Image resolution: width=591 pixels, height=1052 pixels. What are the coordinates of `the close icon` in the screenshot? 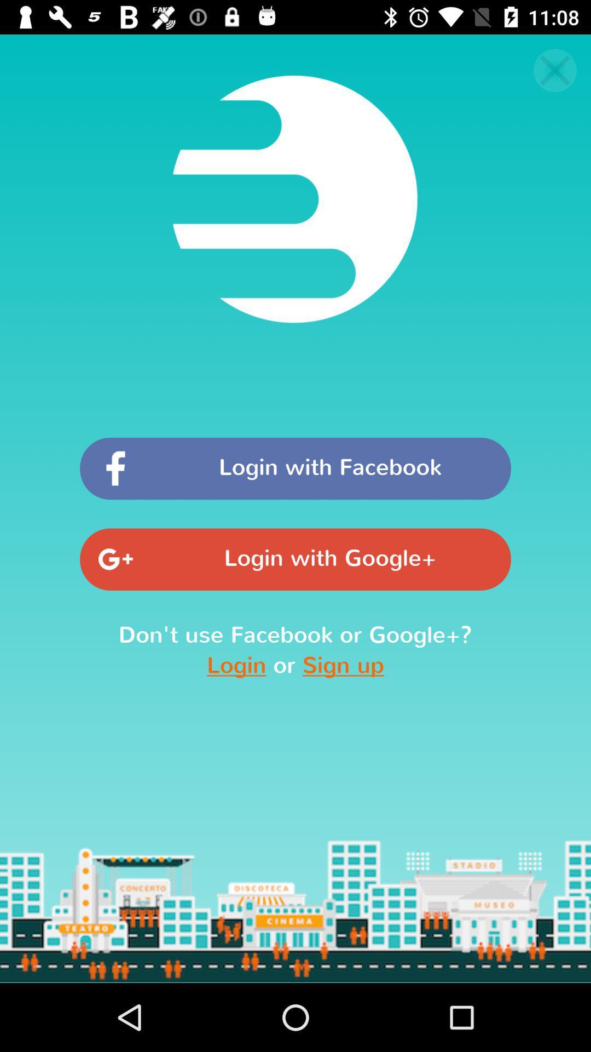 It's located at (555, 70).